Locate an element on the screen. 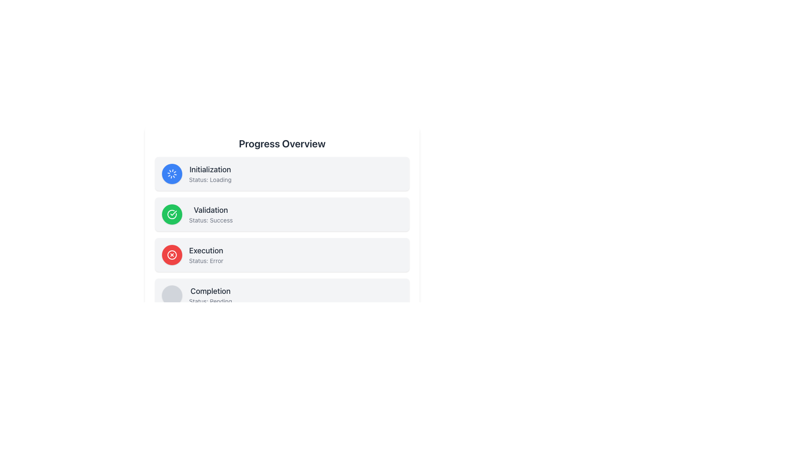 The height and width of the screenshot is (456, 812). the text label displaying the current status of the 'Initialization' step in the progress overview, located directly under the text 'Initialization' is located at coordinates (210, 179).